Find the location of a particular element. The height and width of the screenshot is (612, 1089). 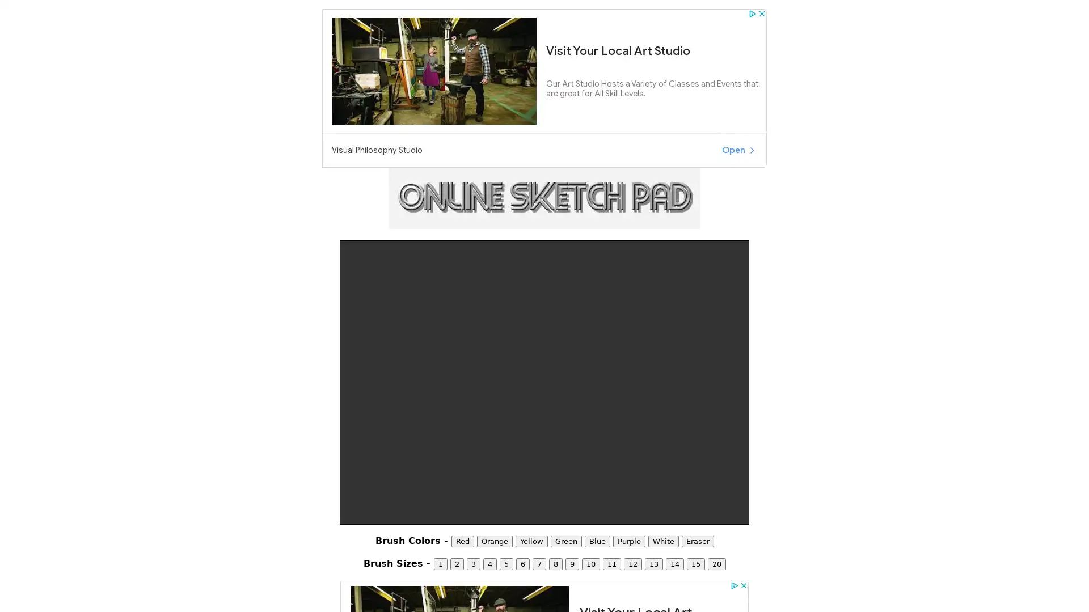

7 is located at coordinates (538, 564).